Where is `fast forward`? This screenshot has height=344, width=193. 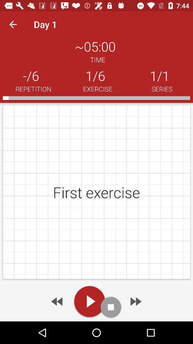 fast forward is located at coordinates (135, 301).